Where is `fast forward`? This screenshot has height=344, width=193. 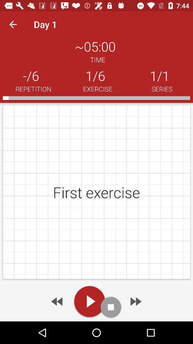 fast forward is located at coordinates (135, 301).